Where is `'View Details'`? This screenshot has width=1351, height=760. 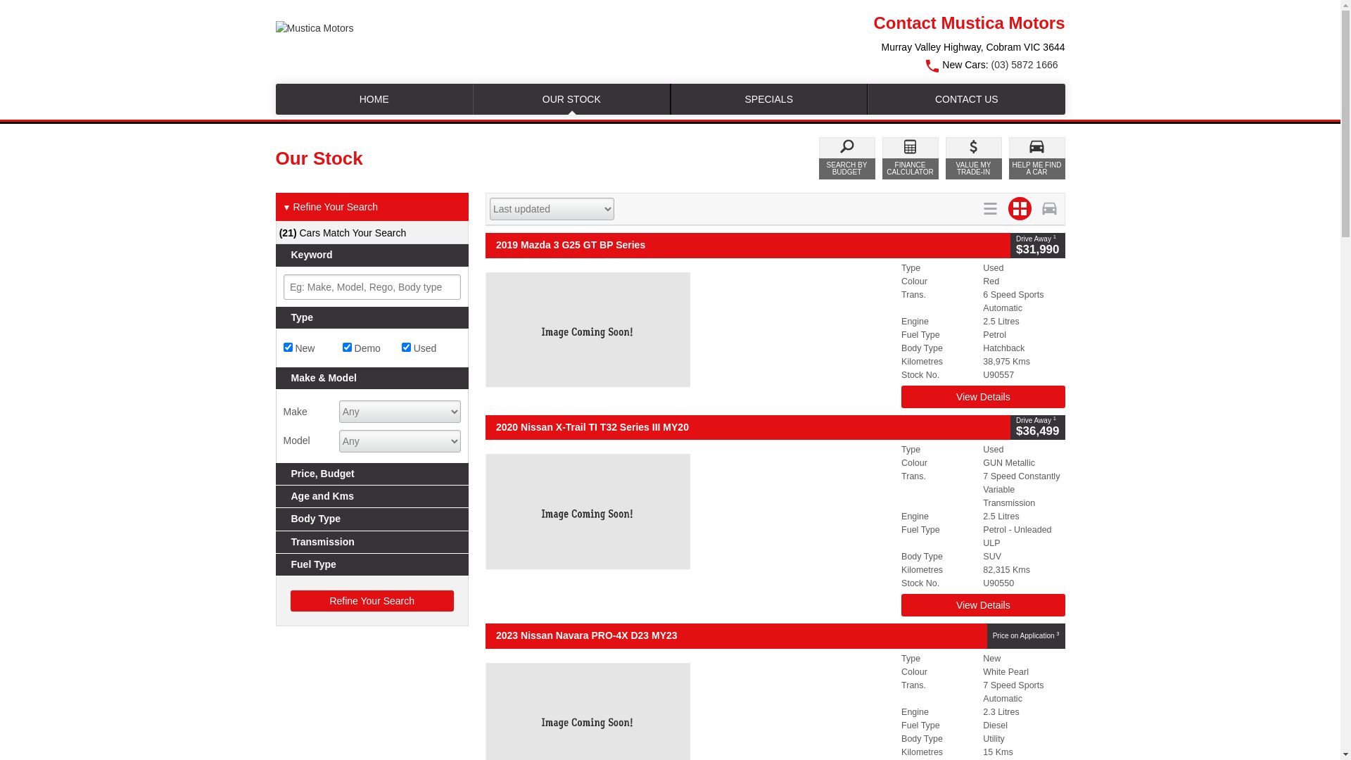 'View Details' is located at coordinates (982, 396).